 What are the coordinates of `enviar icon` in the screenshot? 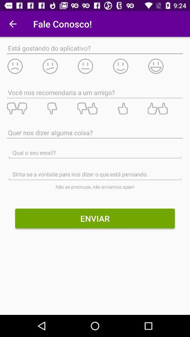 It's located at (95, 218).